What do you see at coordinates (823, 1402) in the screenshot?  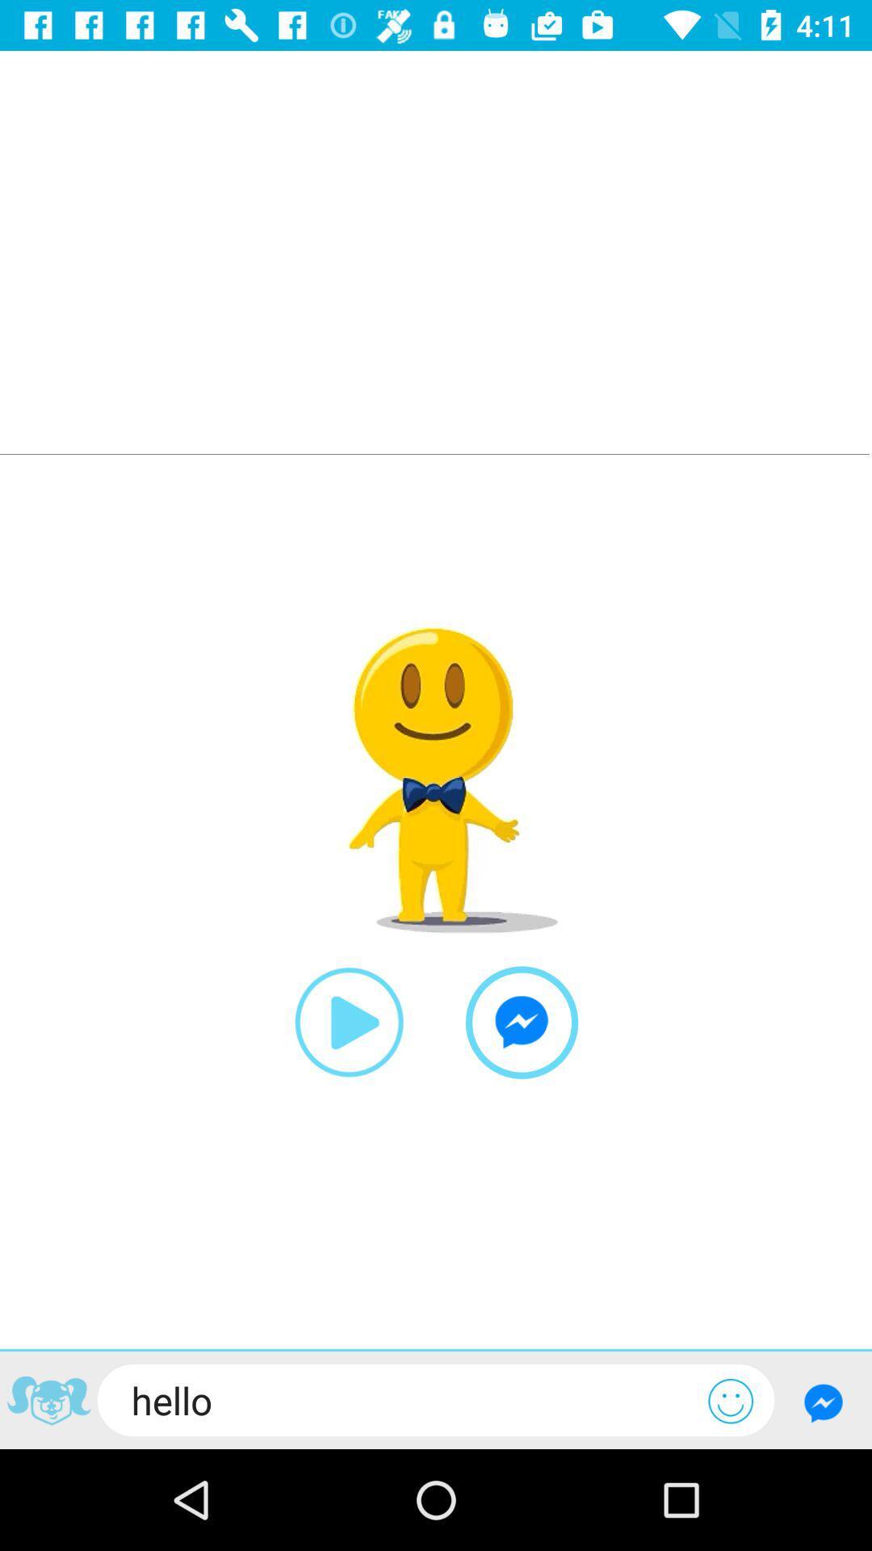 I see `facebook messenger button` at bounding box center [823, 1402].